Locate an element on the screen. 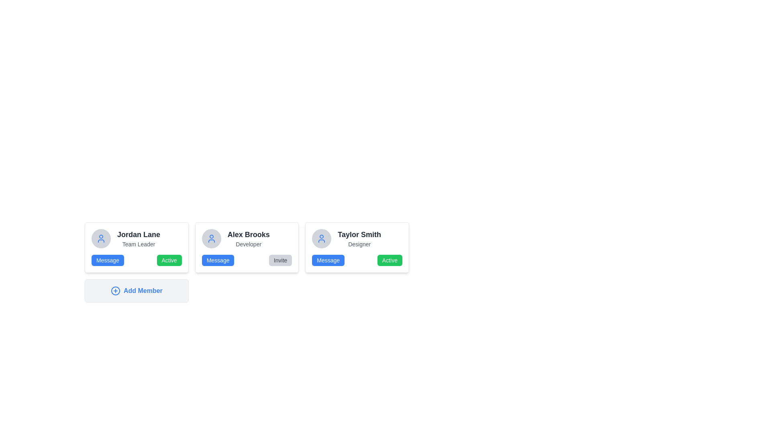 The height and width of the screenshot is (434, 771). the textual label displaying 'Alex Brooks' and 'Developer' is located at coordinates (248, 238).